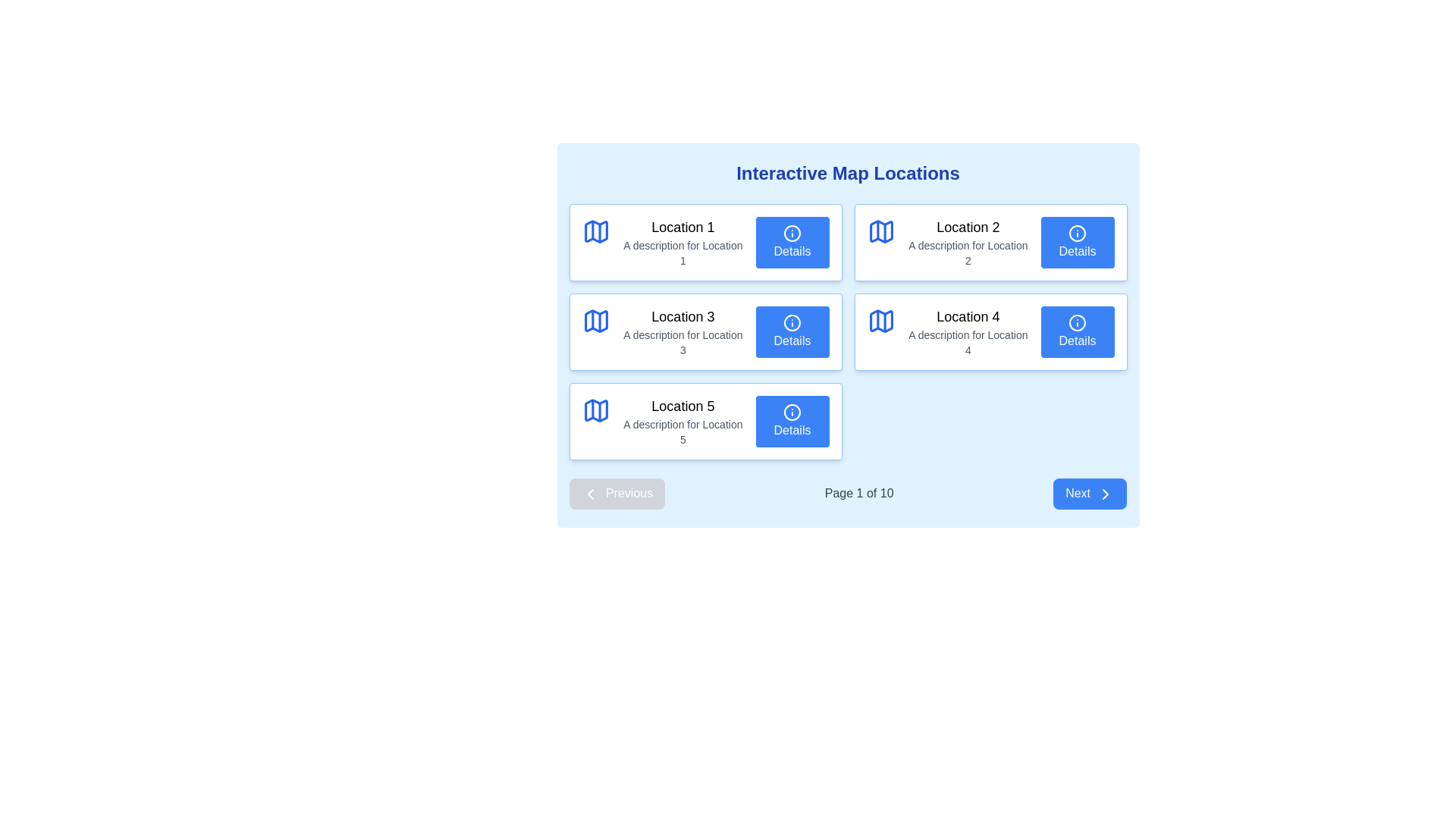 The width and height of the screenshot is (1456, 819). What do you see at coordinates (792, 413) in the screenshot?
I see `the circular blue icon located towards the right side of the 'Details' button of the last item in the list` at bounding box center [792, 413].